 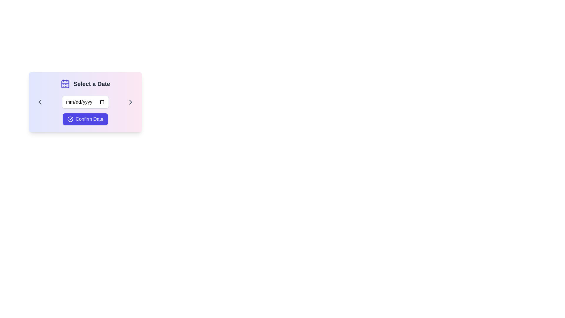 What do you see at coordinates (85, 102) in the screenshot?
I see `the Date Input Field to focus the input and potentially open the date picker` at bounding box center [85, 102].